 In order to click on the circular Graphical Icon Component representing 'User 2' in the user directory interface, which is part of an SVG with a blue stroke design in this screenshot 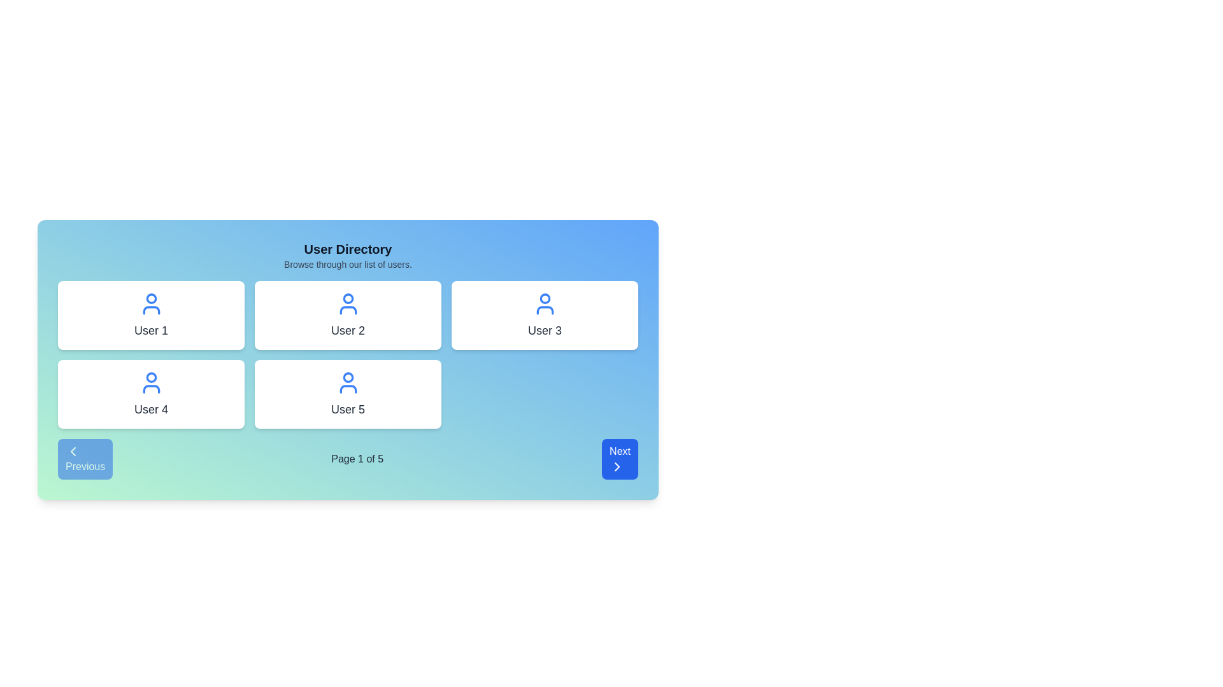, I will do `click(348, 298)`.